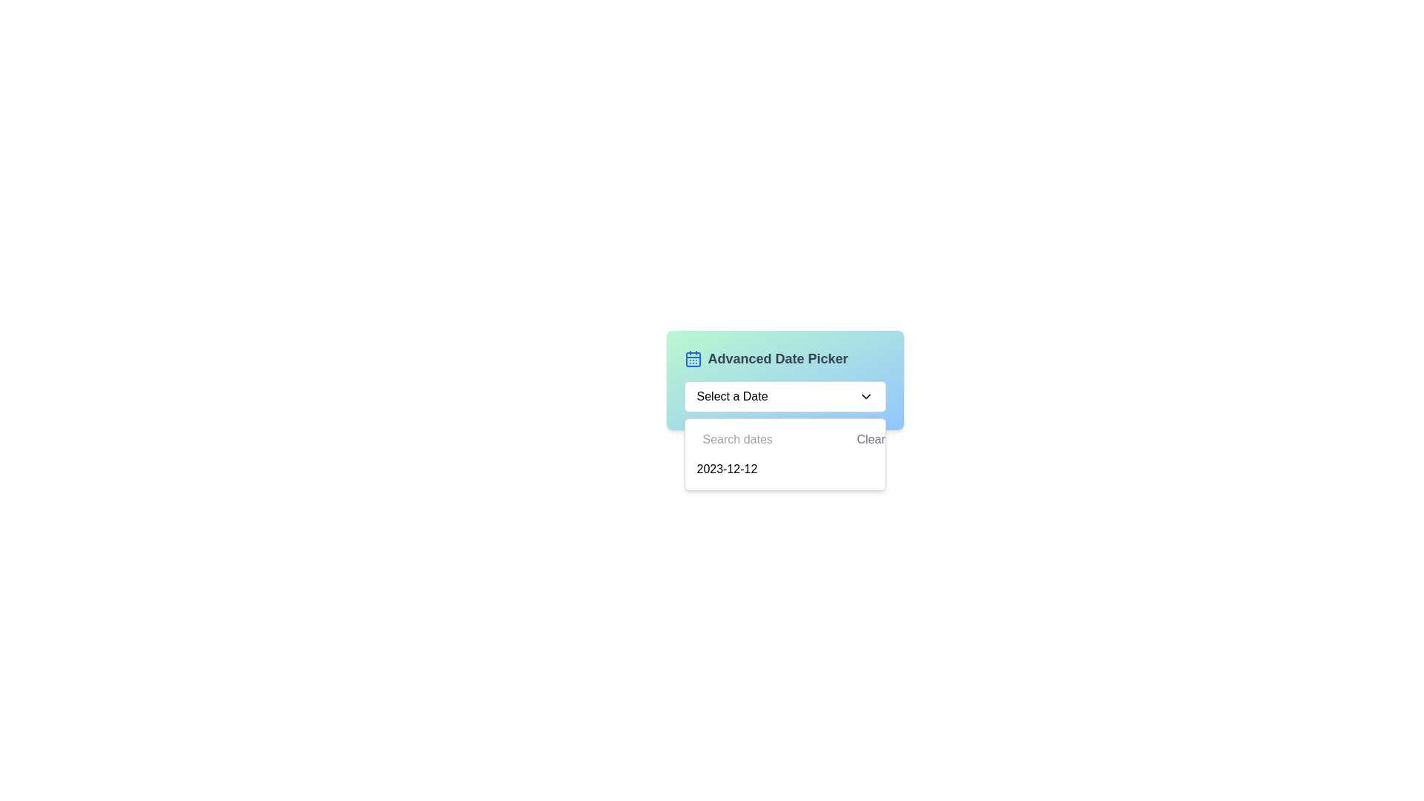 Image resolution: width=1424 pixels, height=801 pixels. I want to click on the downward-pointing chevron icon, so click(866, 396).